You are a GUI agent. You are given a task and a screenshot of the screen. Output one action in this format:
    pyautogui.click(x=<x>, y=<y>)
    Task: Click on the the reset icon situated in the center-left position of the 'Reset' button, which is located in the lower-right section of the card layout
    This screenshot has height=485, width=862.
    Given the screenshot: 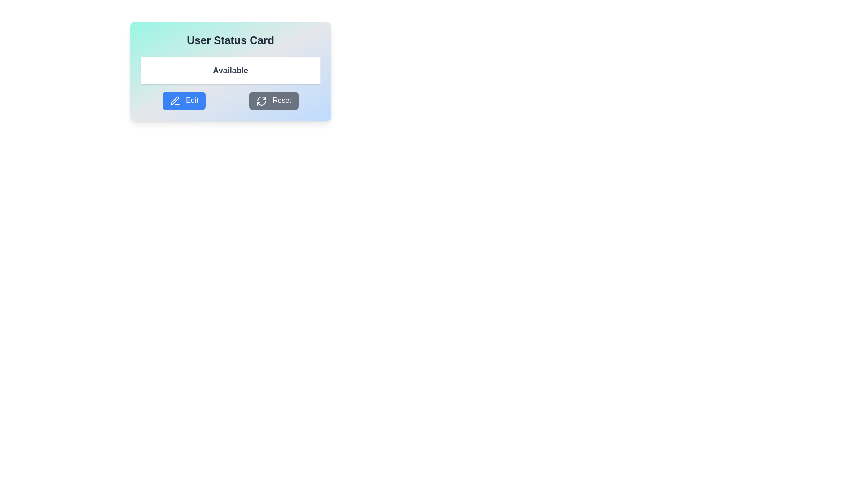 What is the action you would take?
    pyautogui.click(x=261, y=101)
    